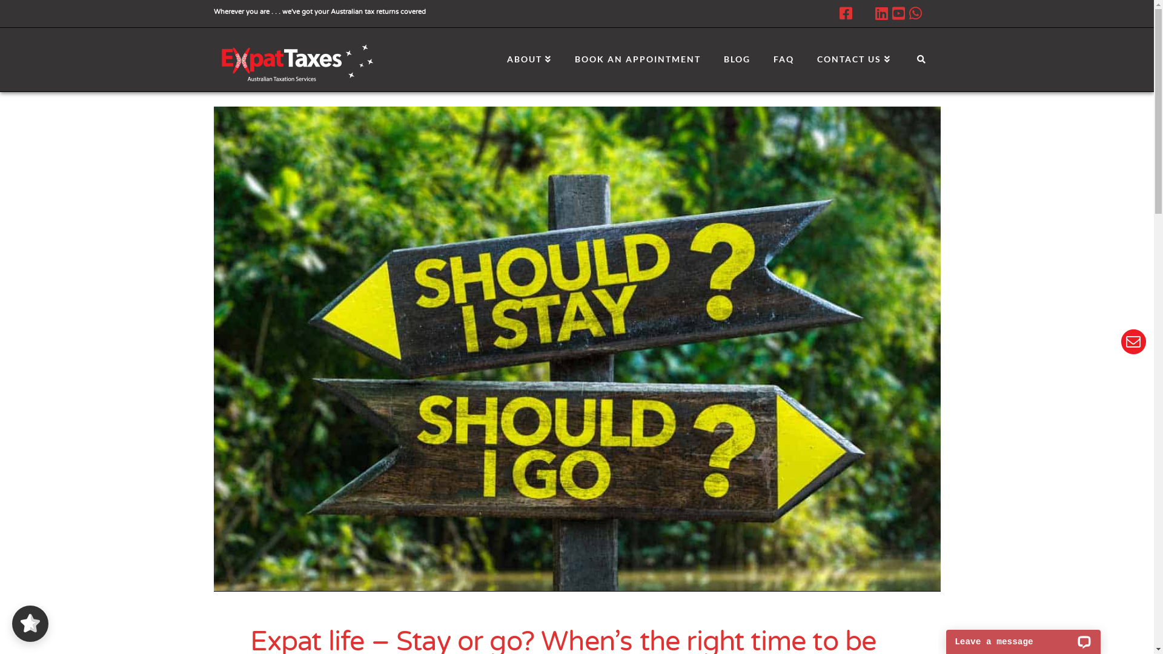 Image resolution: width=1163 pixels, height=654 pixels. I want to click on 'LinkedIn', so click(881, 13).